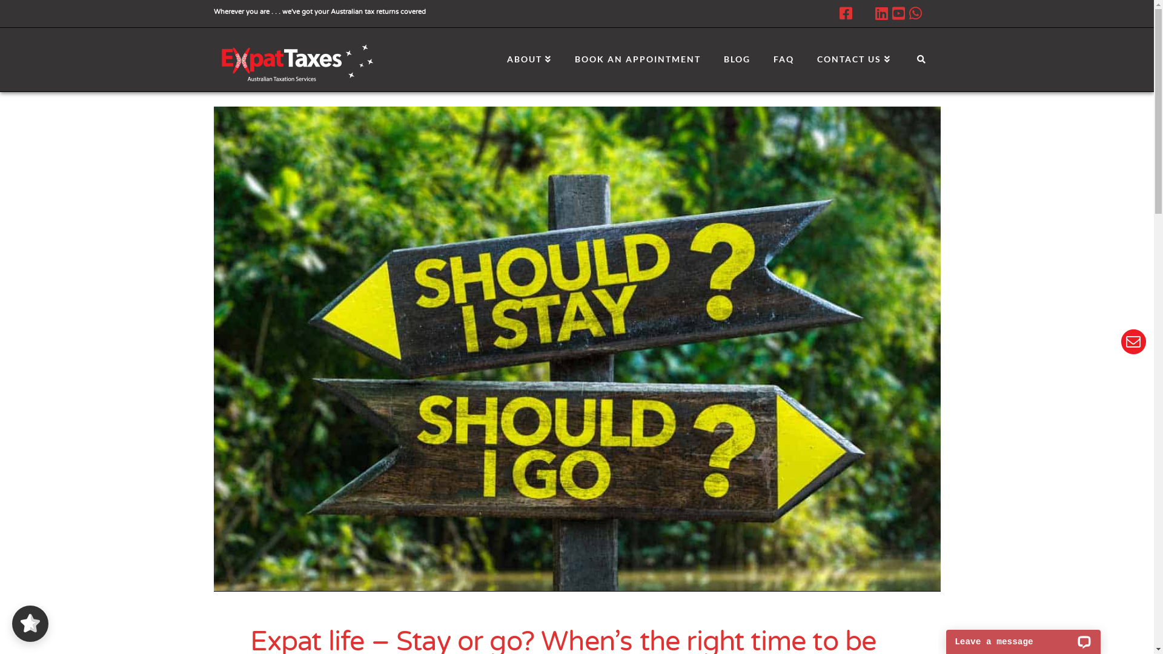 Image resolution: width=1163 pixels, height=654 pixels. I want to click on 'LinkedIn', so click(881, 13).